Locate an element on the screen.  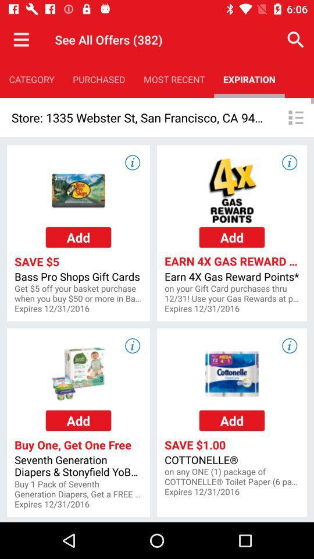
item next to the store 1335 webster is located at coordinates (296, 118).